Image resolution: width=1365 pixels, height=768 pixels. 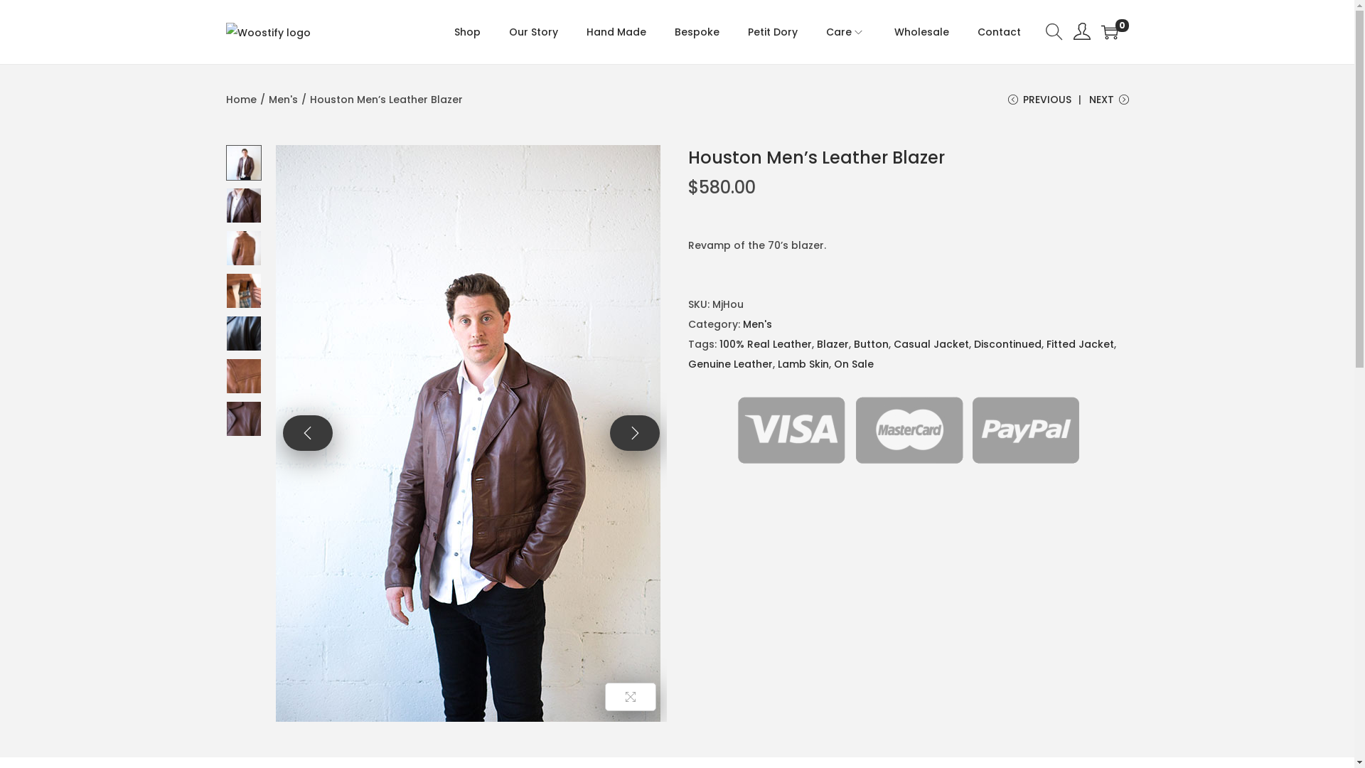 What do you see at coordinates (803, 363) in the screenshot?
I see `'Lamb Skin'` at bounding box center [803, 363].